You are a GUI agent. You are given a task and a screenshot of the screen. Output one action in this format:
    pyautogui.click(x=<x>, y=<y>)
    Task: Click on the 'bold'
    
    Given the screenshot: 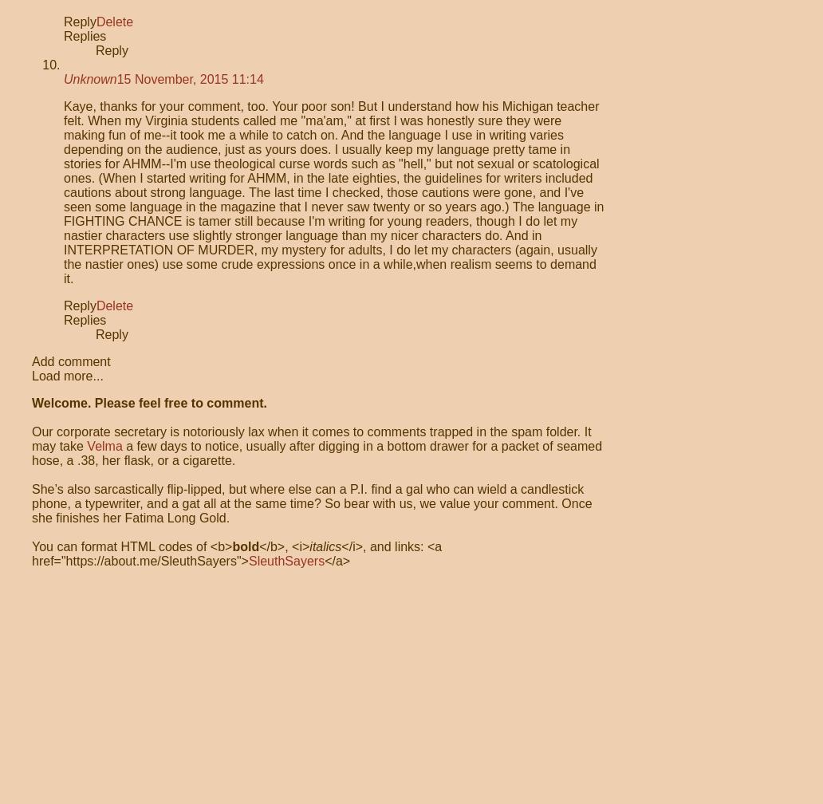 What is the action you would take?
    pyautogui.click(x=232, y=546)
    